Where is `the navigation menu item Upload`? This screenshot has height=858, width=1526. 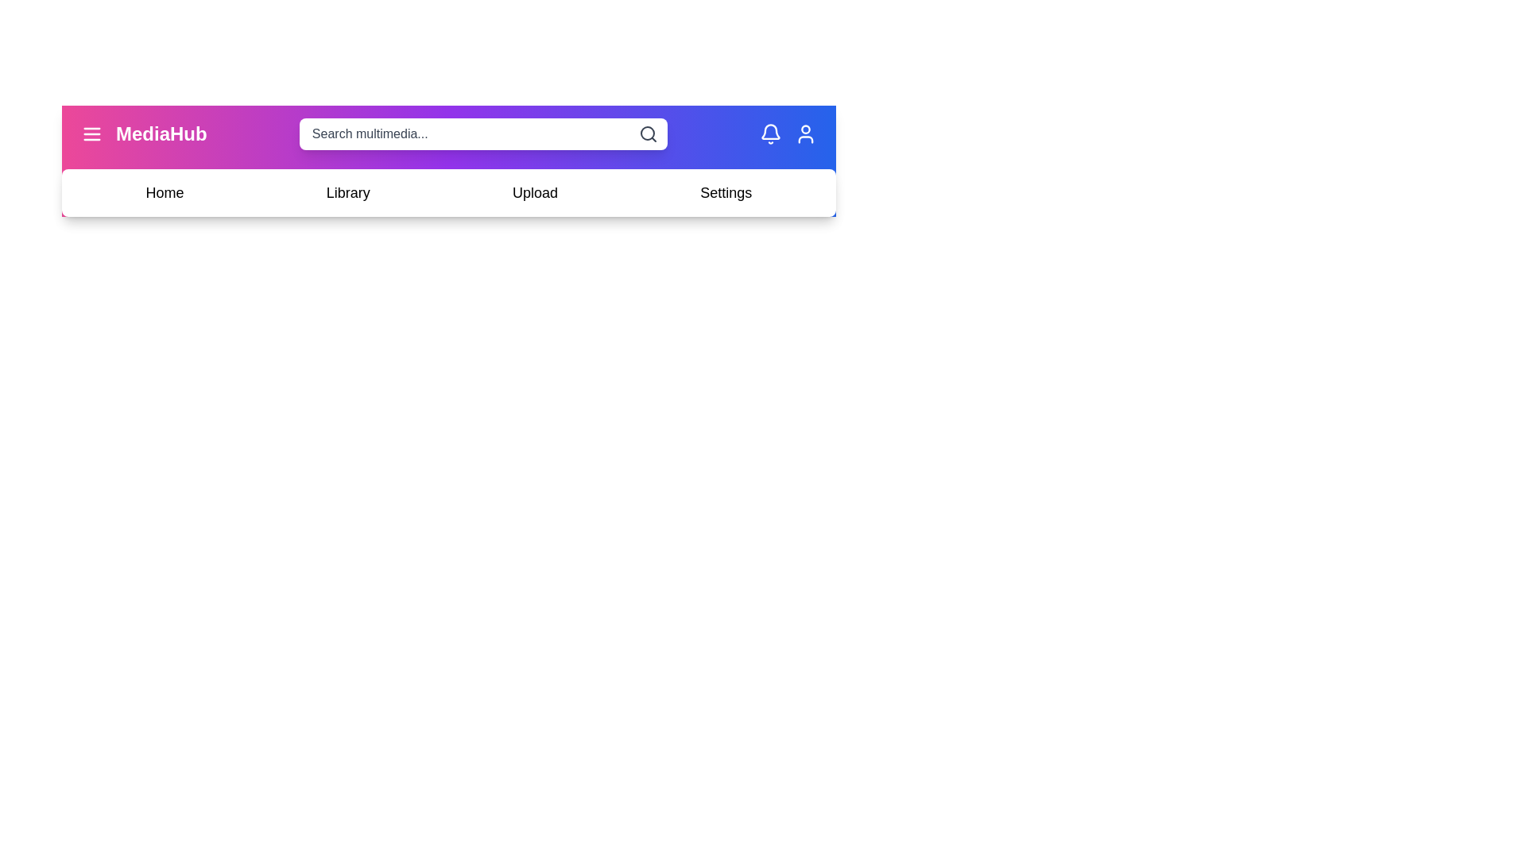 the navigation menu item Upload is located at coordinates (535, 192).